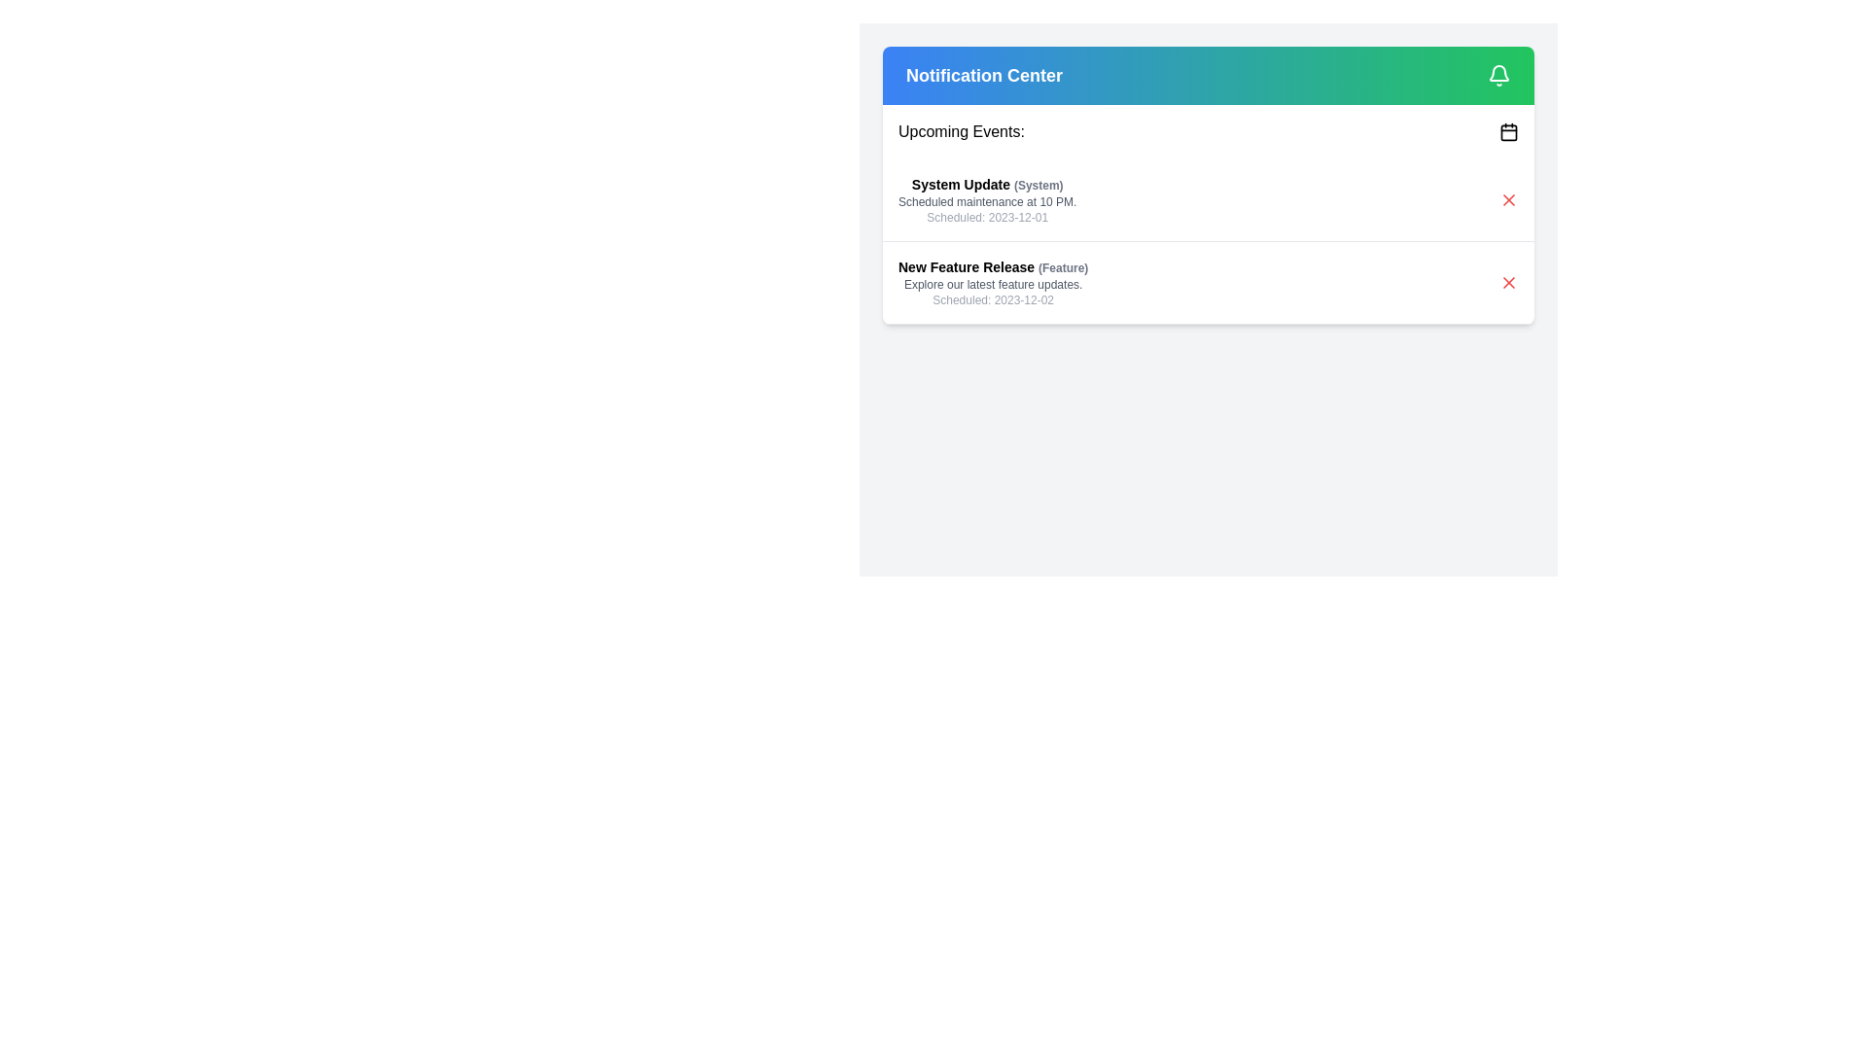 This screenshot has width=1867, height=1050. I want to click on the upper arc of the bell-shaped icon in the top-right corner of the Notification Center interface, which is styled with a green background and thin outlines, so click(1497, 72).